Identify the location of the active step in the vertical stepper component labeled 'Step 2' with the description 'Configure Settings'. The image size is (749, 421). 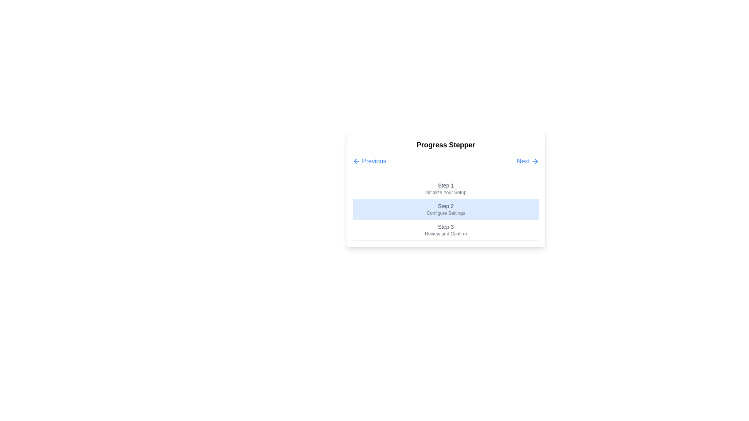
(445, 209).